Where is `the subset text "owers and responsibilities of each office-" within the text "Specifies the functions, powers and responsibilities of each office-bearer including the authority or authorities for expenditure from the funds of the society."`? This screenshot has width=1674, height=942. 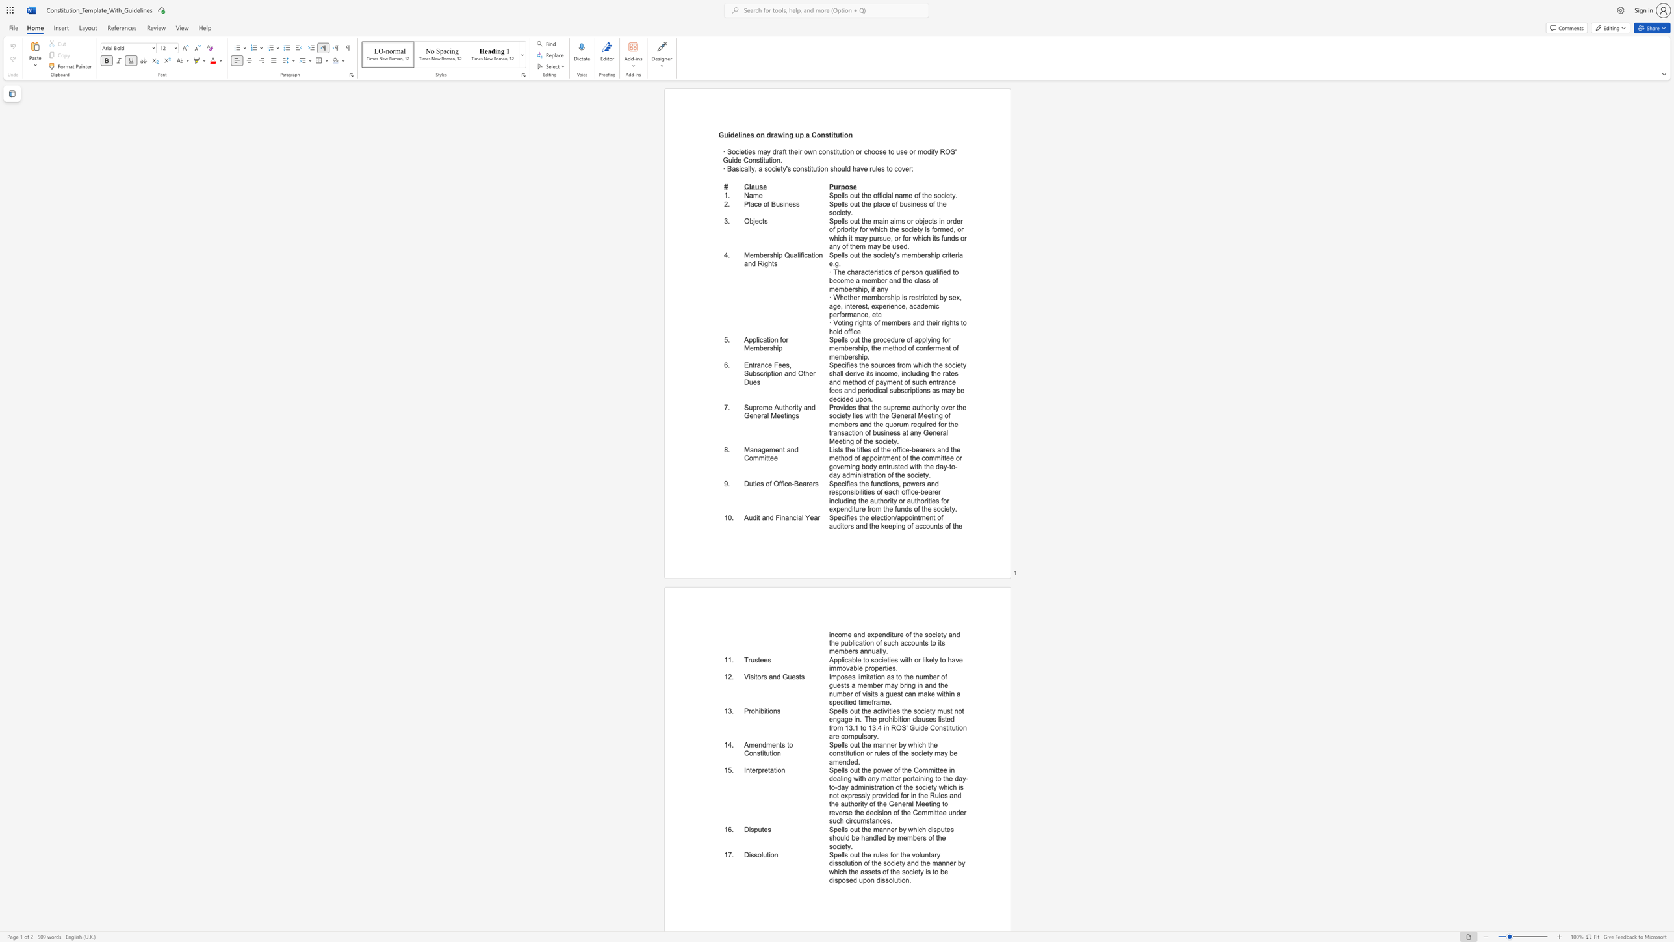 the subset text "owers and responsibilities of each office-" within the text "Specifies the functions, powers and responsibilities of each office-bearer including the authority or authorities for expenditure from the funds of the society." is located at coordinates (905, 483).